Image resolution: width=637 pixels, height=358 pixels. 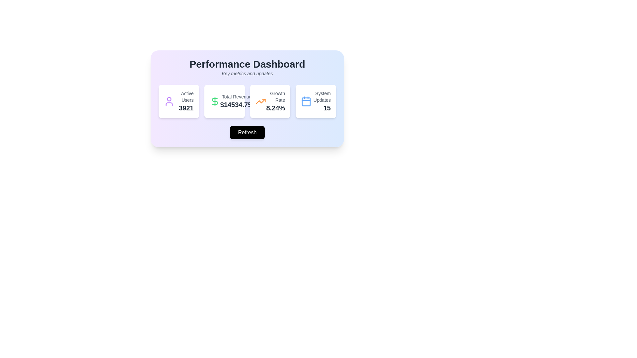 I want to click on the green dollar symbol icon located to the left of the 'Total Revenue $14534.75' text, so click(x=215, y=101).